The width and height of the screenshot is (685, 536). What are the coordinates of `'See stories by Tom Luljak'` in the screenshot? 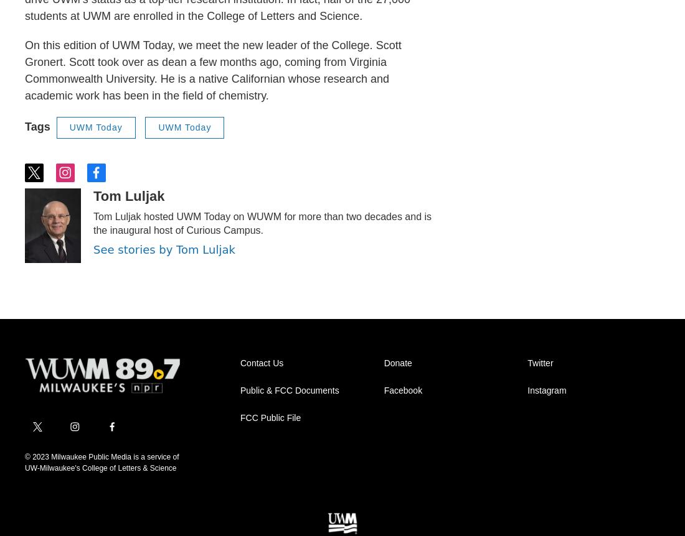 It's located at (164, 248).